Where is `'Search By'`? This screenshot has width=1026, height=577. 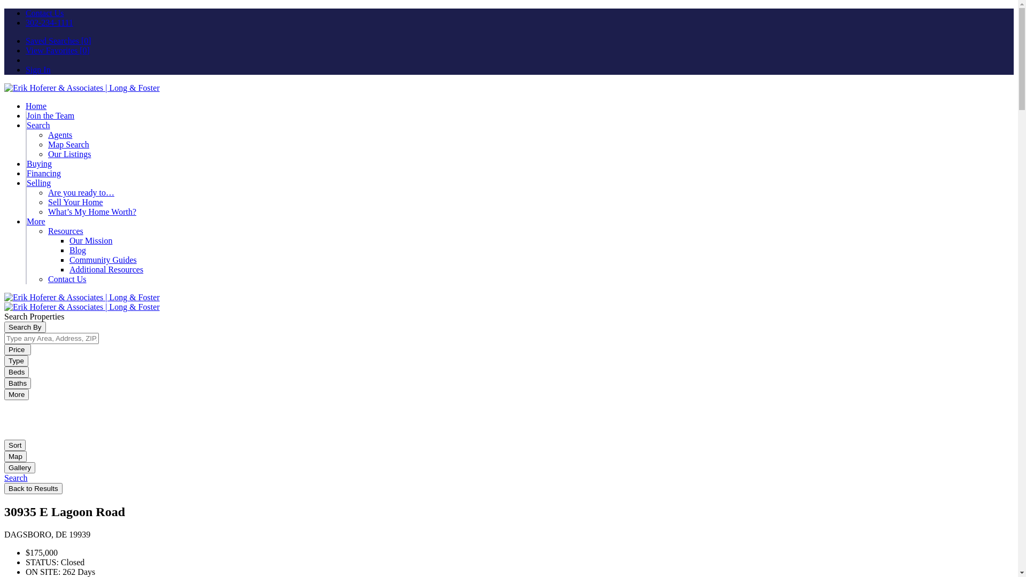 'Search By' is located at coordinates (25, 326).